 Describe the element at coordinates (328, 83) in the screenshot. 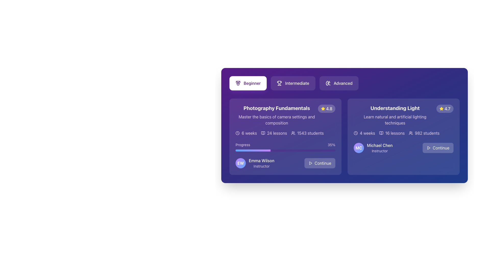

I see `the brain icon with circuit-like features, which is positioned alongside the text 'Advanced' in a button-like component on the right side of the options labeled 'Beginner', 'Intermediate', and 'Advanced'` at that location.